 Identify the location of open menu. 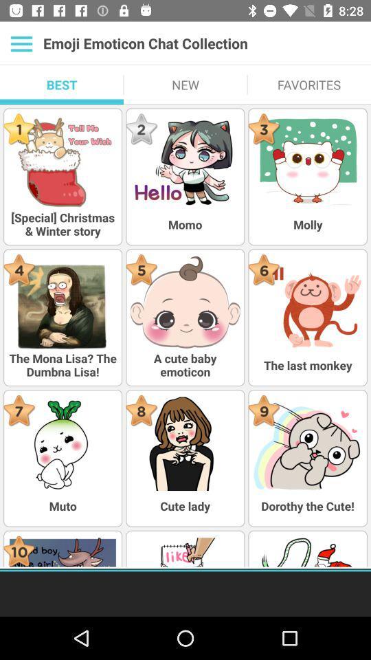
(21, 43).